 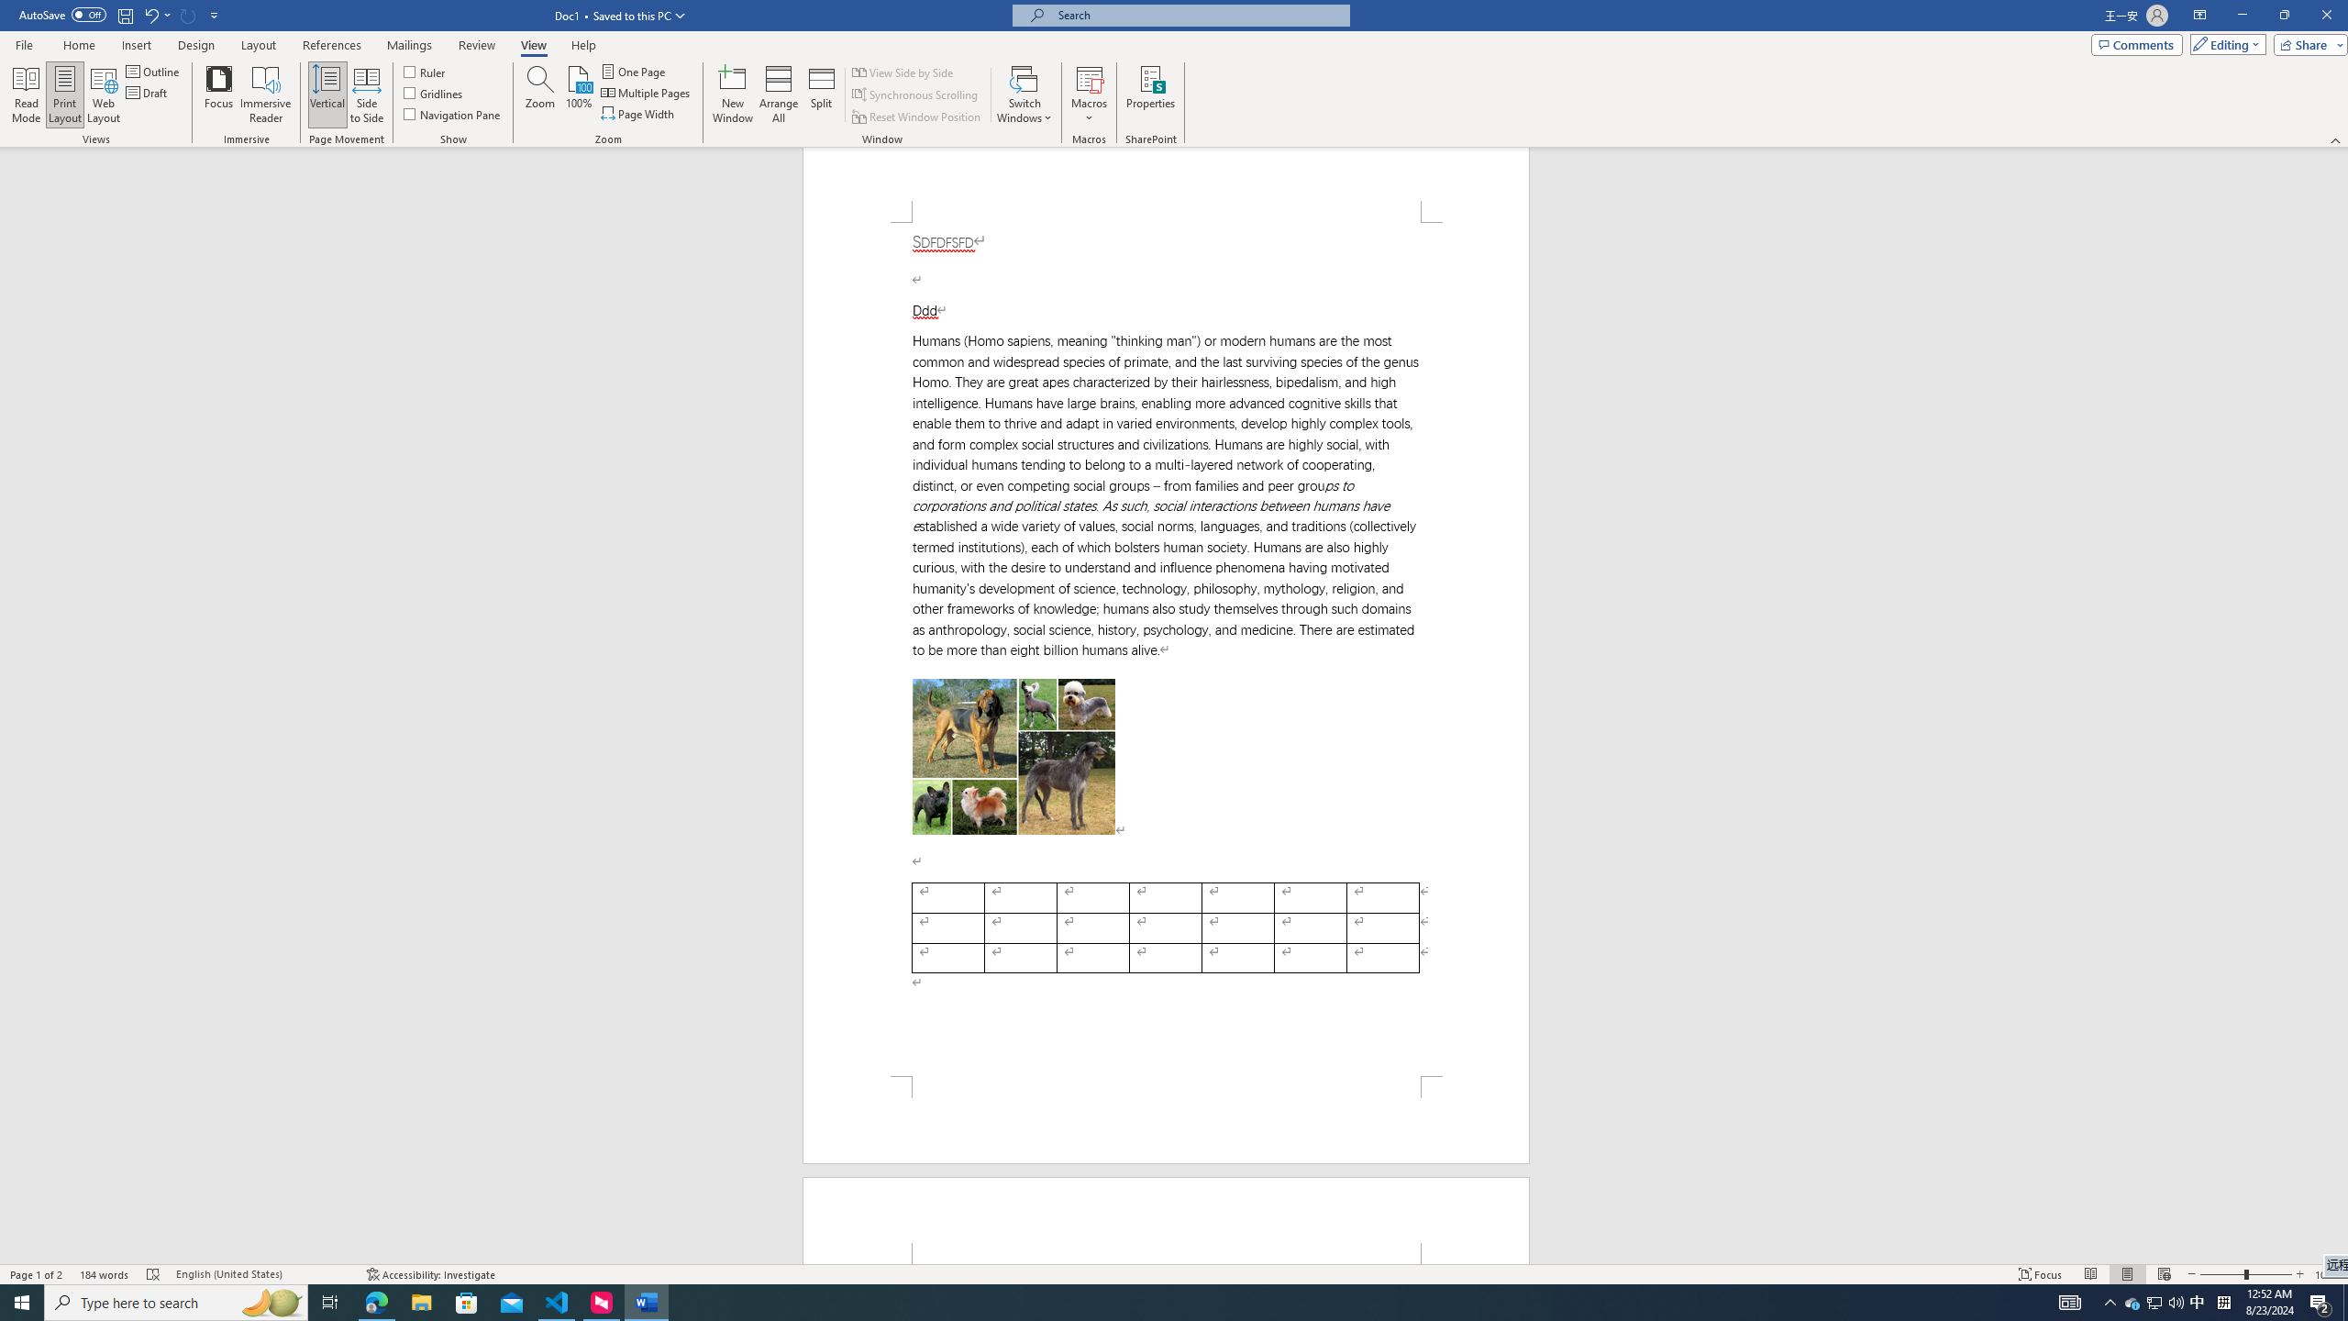 What do you see at coordinates (156, 14) in the screenshot?
I see `'Undo Apply Quick Style Set'` at bounding box center [156, 14].